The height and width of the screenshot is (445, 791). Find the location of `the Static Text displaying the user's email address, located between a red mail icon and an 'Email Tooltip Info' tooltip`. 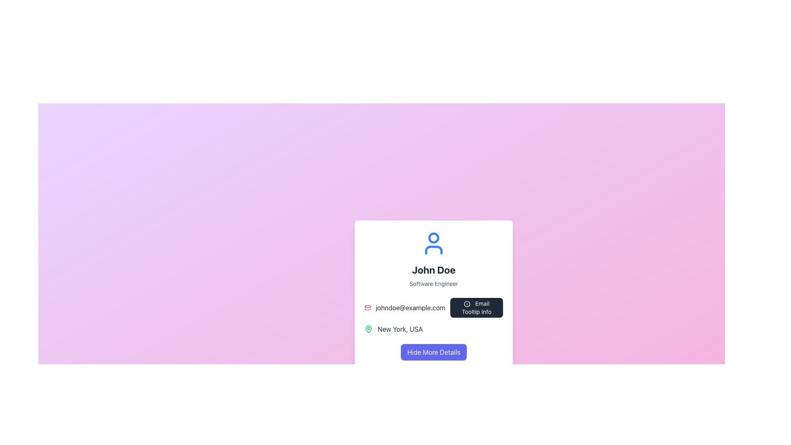

the Static Text displaying the user's email address, located between a red mail icon and an 'Email Tooltip Info' tooltip is located at coordinates (410, 308).